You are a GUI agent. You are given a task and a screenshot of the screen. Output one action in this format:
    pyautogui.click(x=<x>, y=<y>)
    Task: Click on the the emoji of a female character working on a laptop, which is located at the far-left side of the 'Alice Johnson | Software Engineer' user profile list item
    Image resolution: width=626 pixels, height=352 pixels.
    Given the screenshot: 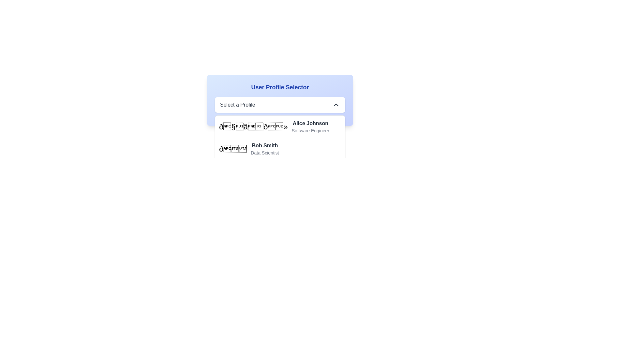 What is the action you would take?
    pyautogui.click(x=253, y=127)
    